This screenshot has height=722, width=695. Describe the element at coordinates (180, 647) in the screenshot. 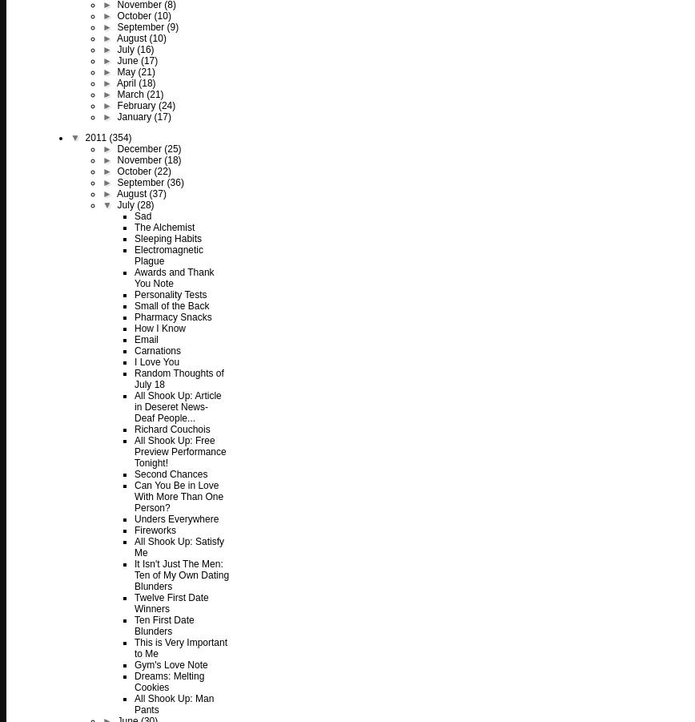

I see `'This is Very Important to Me'` at that location.